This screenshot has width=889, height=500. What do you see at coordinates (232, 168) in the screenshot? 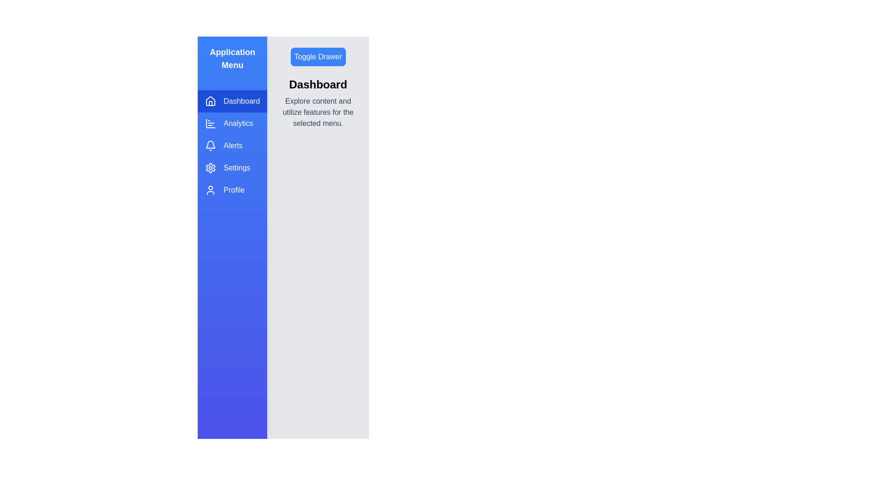
I see `the menu item Settings from the drawer to switch to the corresponding section` at bounding box center [232, 168].